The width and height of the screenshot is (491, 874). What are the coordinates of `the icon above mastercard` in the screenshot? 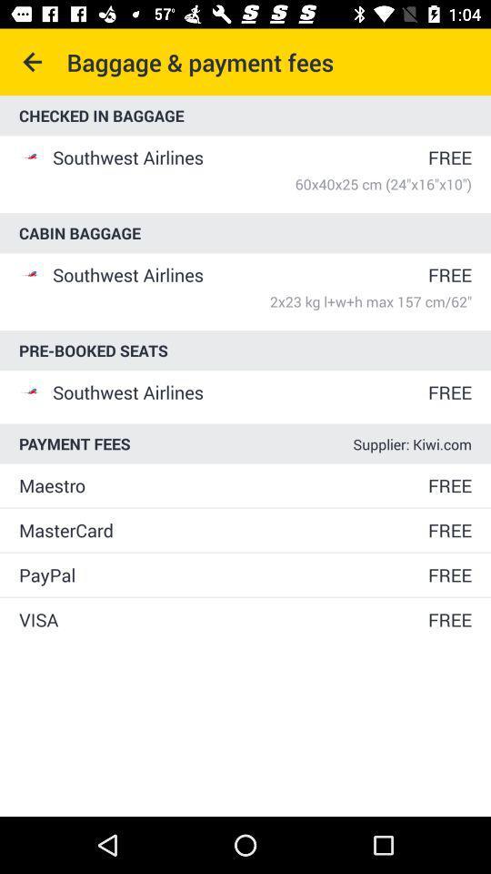 It's located at (222, 484).